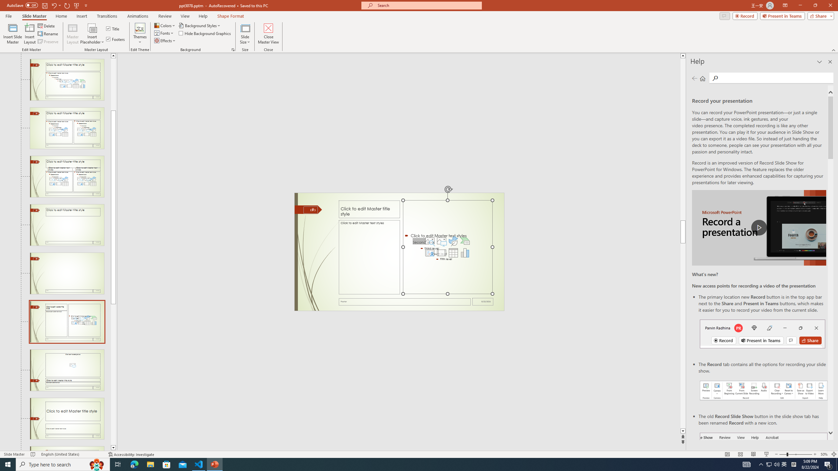  I want to click on 'Zoom Out', so click(783, 454).